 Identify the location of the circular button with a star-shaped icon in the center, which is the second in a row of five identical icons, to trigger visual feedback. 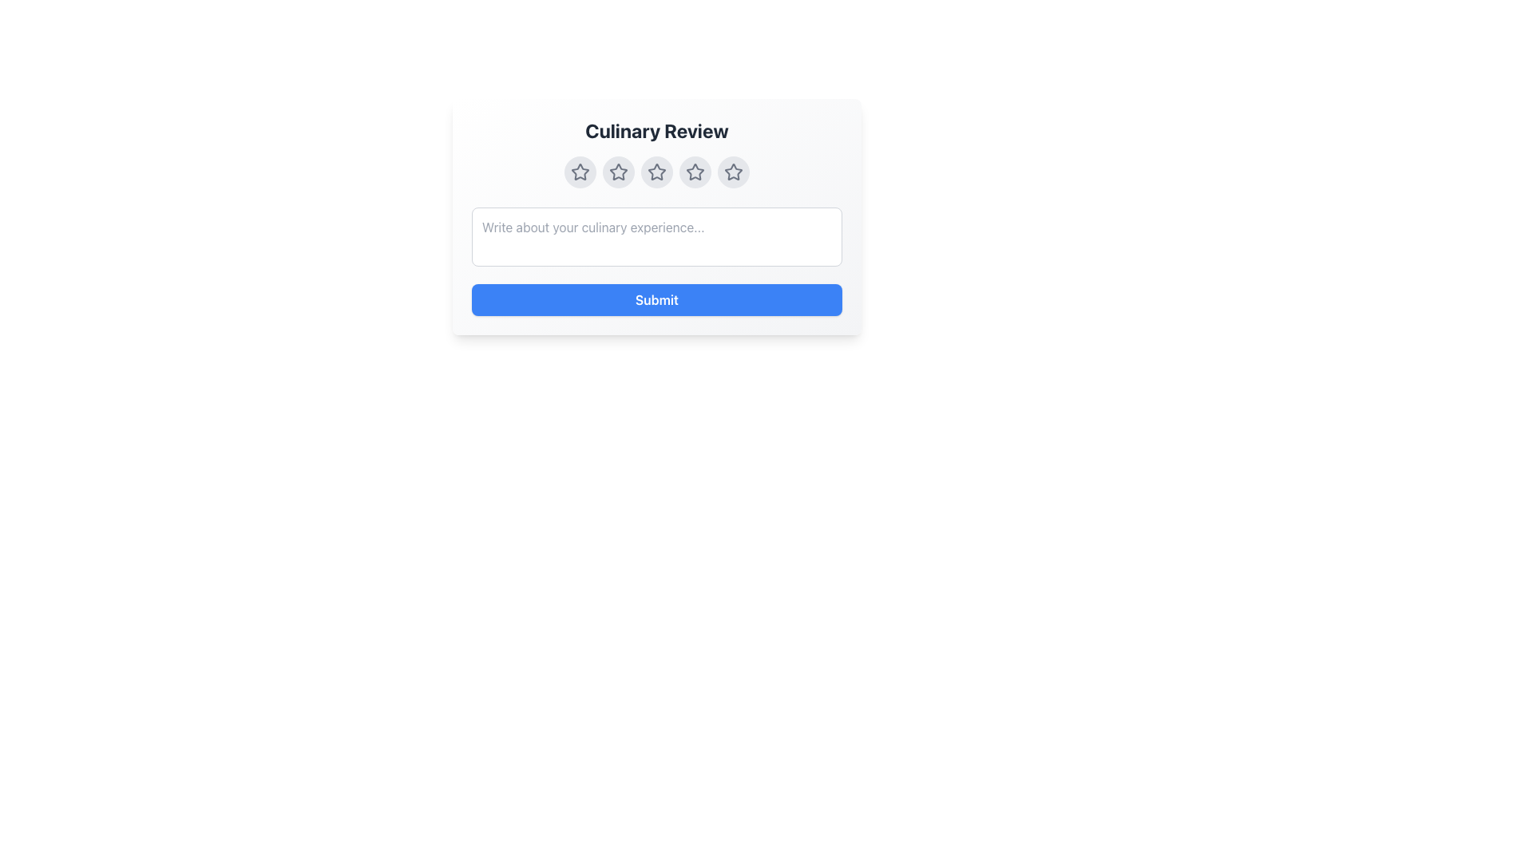
(617, 172).